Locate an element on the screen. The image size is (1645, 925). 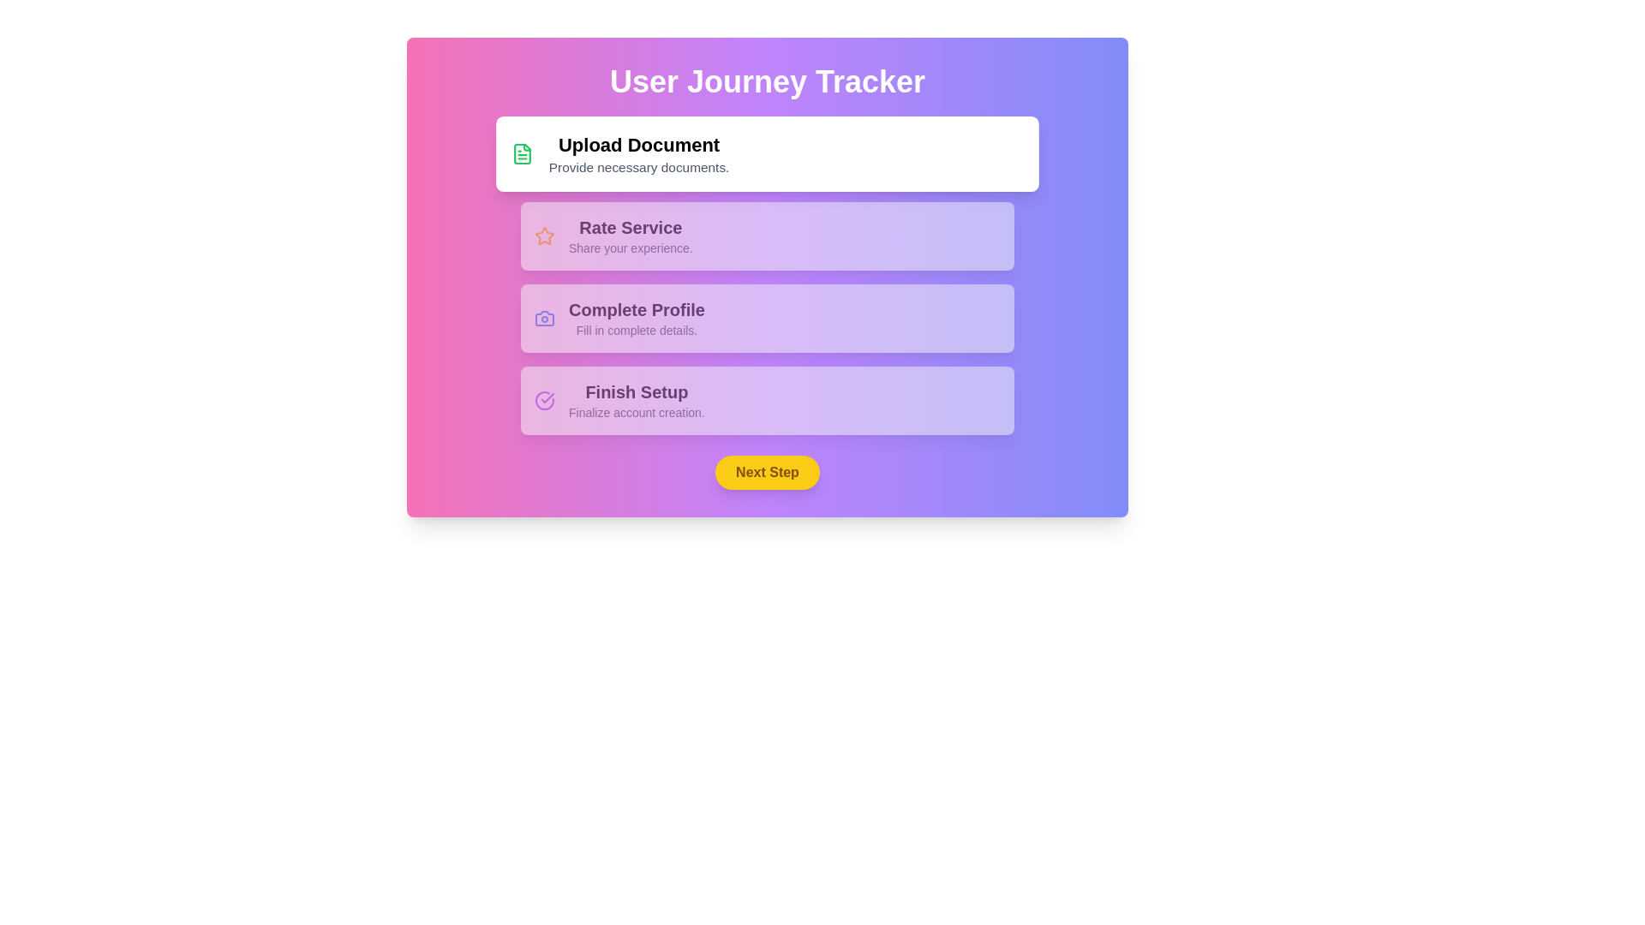
text label containing the phrase 'Share your experience.' which is styled with a small font size and gray color, located directly beneath the 'Rate Service' label is located at coordinates (630, 248).